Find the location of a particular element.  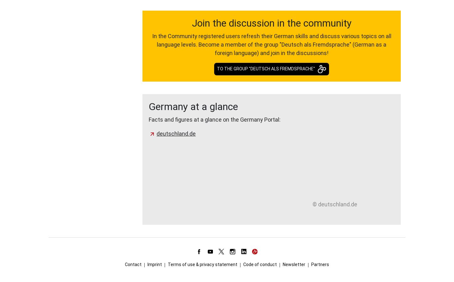

'Partners' is located at coordinates (320, 264).